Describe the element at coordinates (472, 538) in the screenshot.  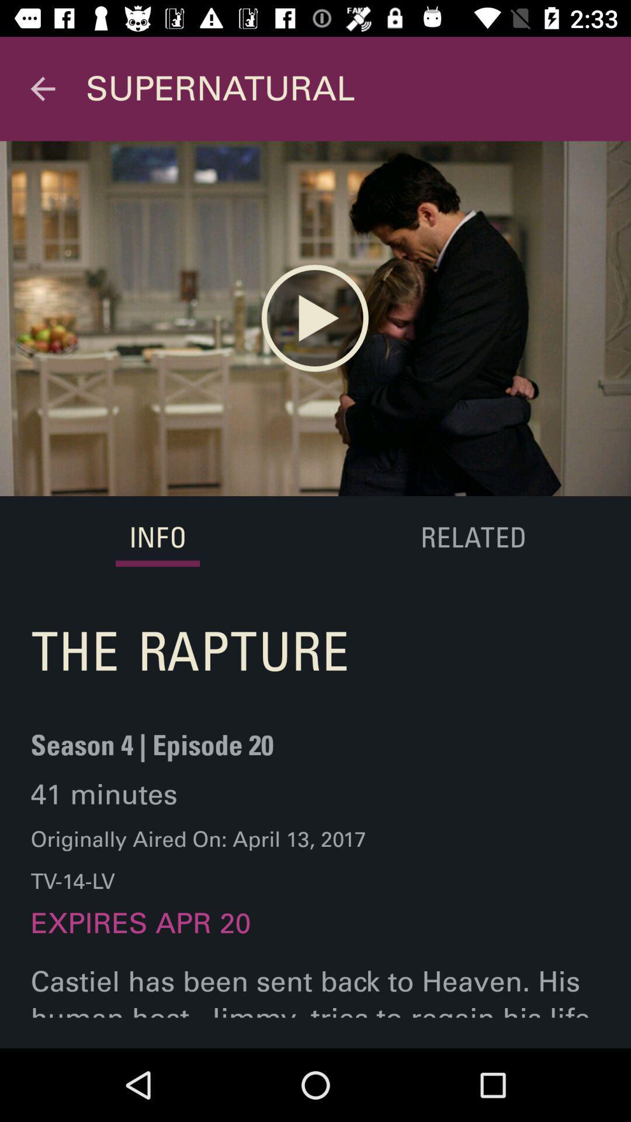
I see `icon next to info` at that location.